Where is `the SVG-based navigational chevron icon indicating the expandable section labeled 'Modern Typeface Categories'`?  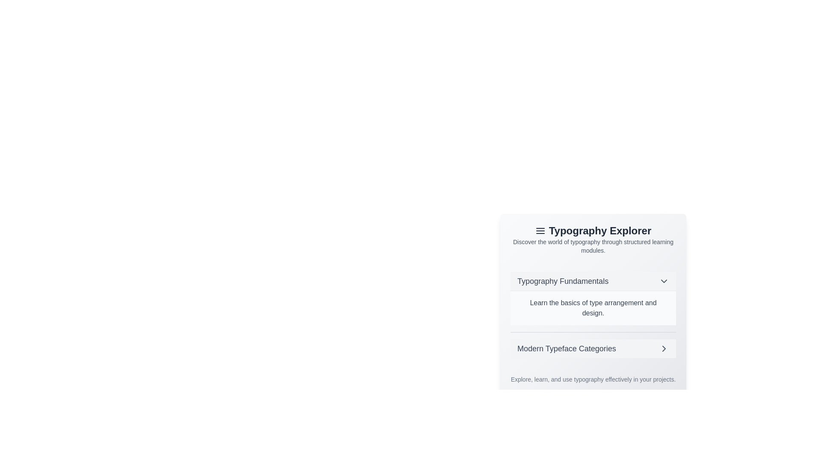 the SVG-based navigational chevron icon indicating the expandable section labeled 'Modern Typeface Categories' is located at coordinates (664, 349).